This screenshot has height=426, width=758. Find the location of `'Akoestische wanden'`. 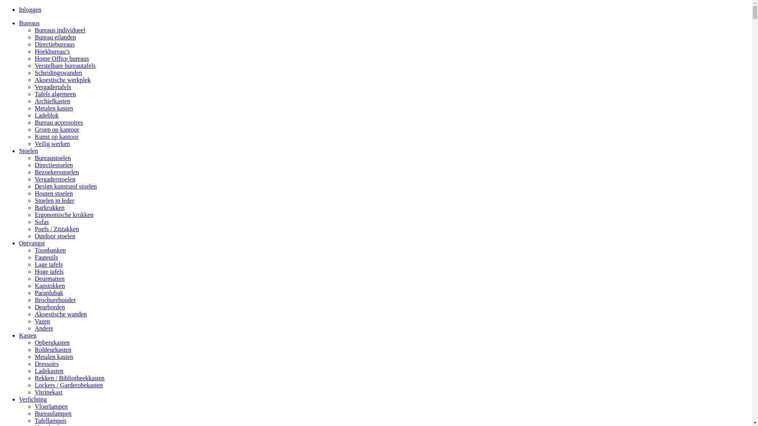

'Akoestische wanden' is located at coordinates (60, 314).